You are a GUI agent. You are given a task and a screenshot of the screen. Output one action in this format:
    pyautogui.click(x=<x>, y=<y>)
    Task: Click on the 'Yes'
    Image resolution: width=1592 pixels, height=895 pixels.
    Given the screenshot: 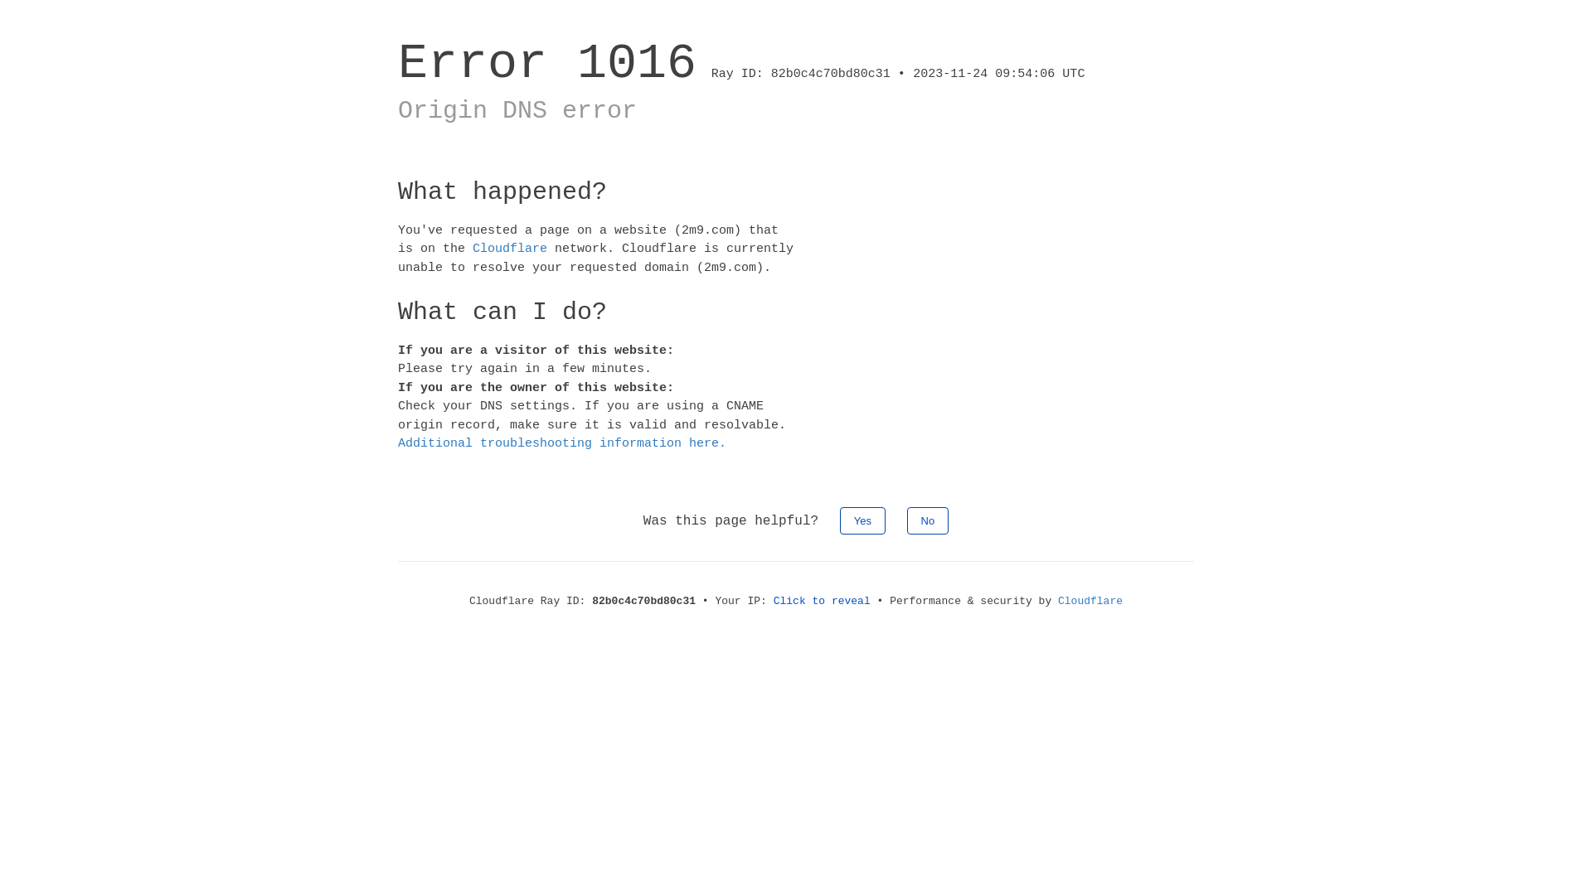 What is the action you would take?
    pyautogui.click(x=862, y=520)
    